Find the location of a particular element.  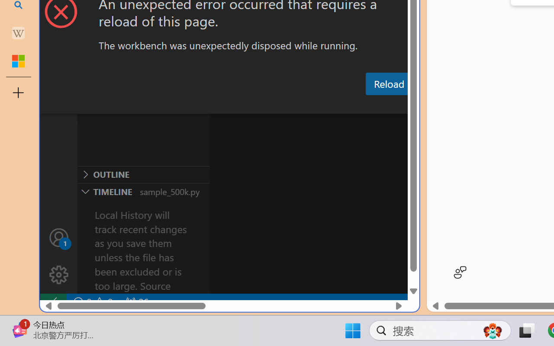

'No Problems' is located at coordinates (92, 302).